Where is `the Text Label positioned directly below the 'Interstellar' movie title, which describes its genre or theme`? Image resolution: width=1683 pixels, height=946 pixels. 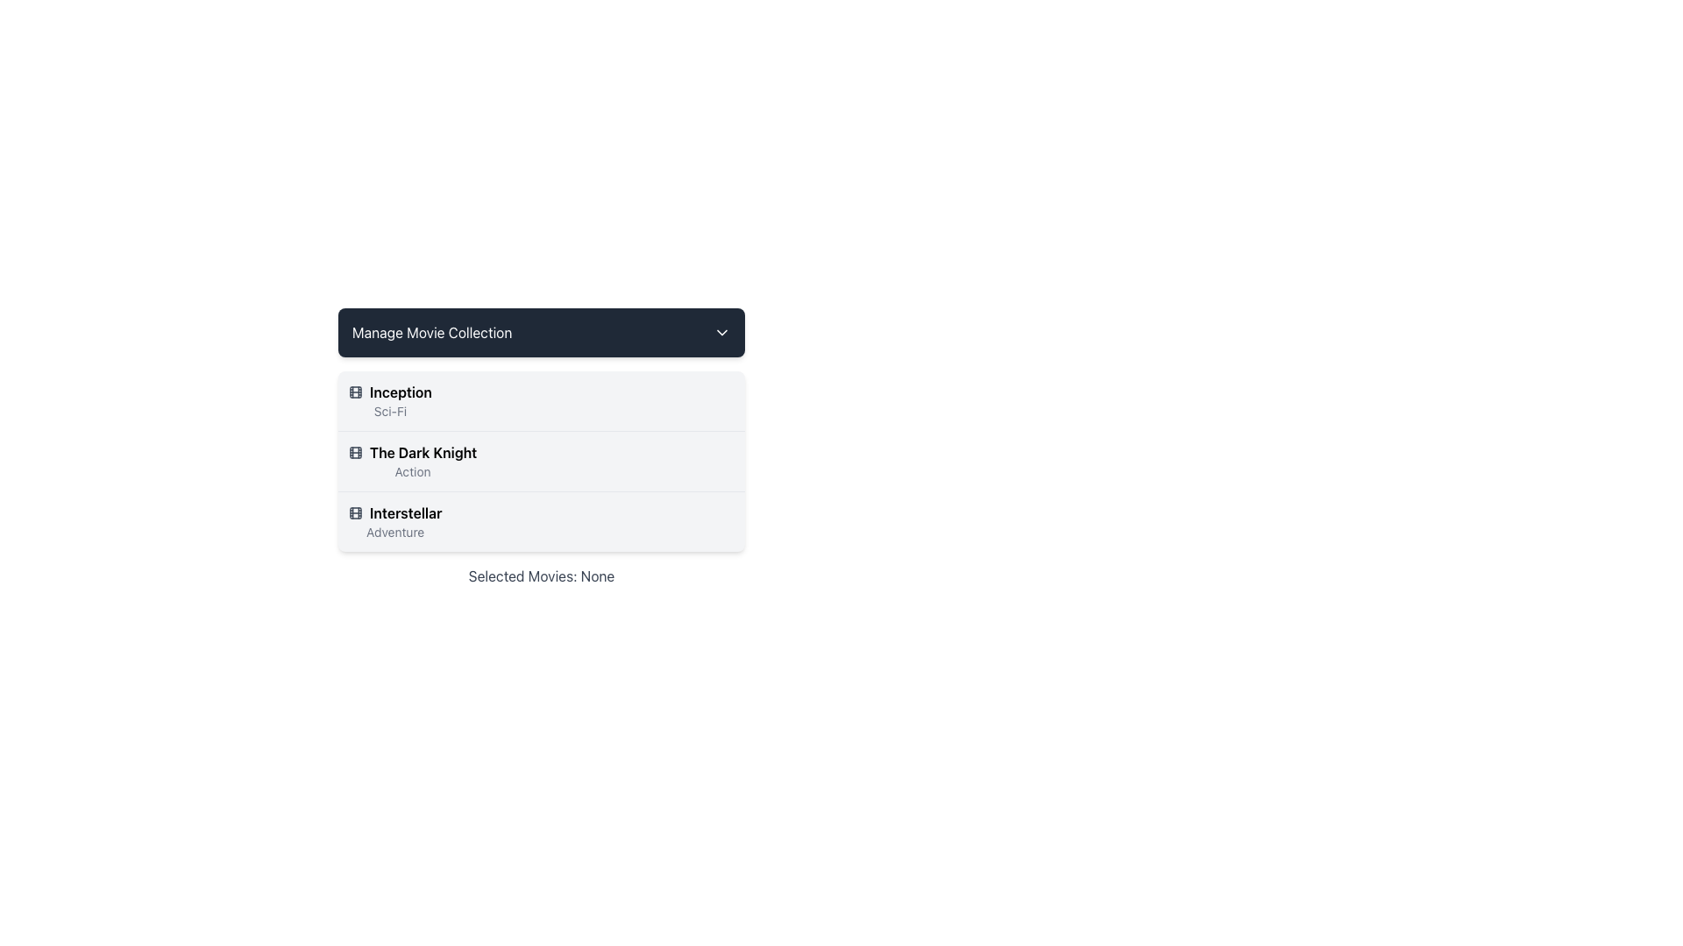
the Text Label positioned directly below the 'Interstellar' movie title, which describes its genre or theme is located at coordinates (394, 532).